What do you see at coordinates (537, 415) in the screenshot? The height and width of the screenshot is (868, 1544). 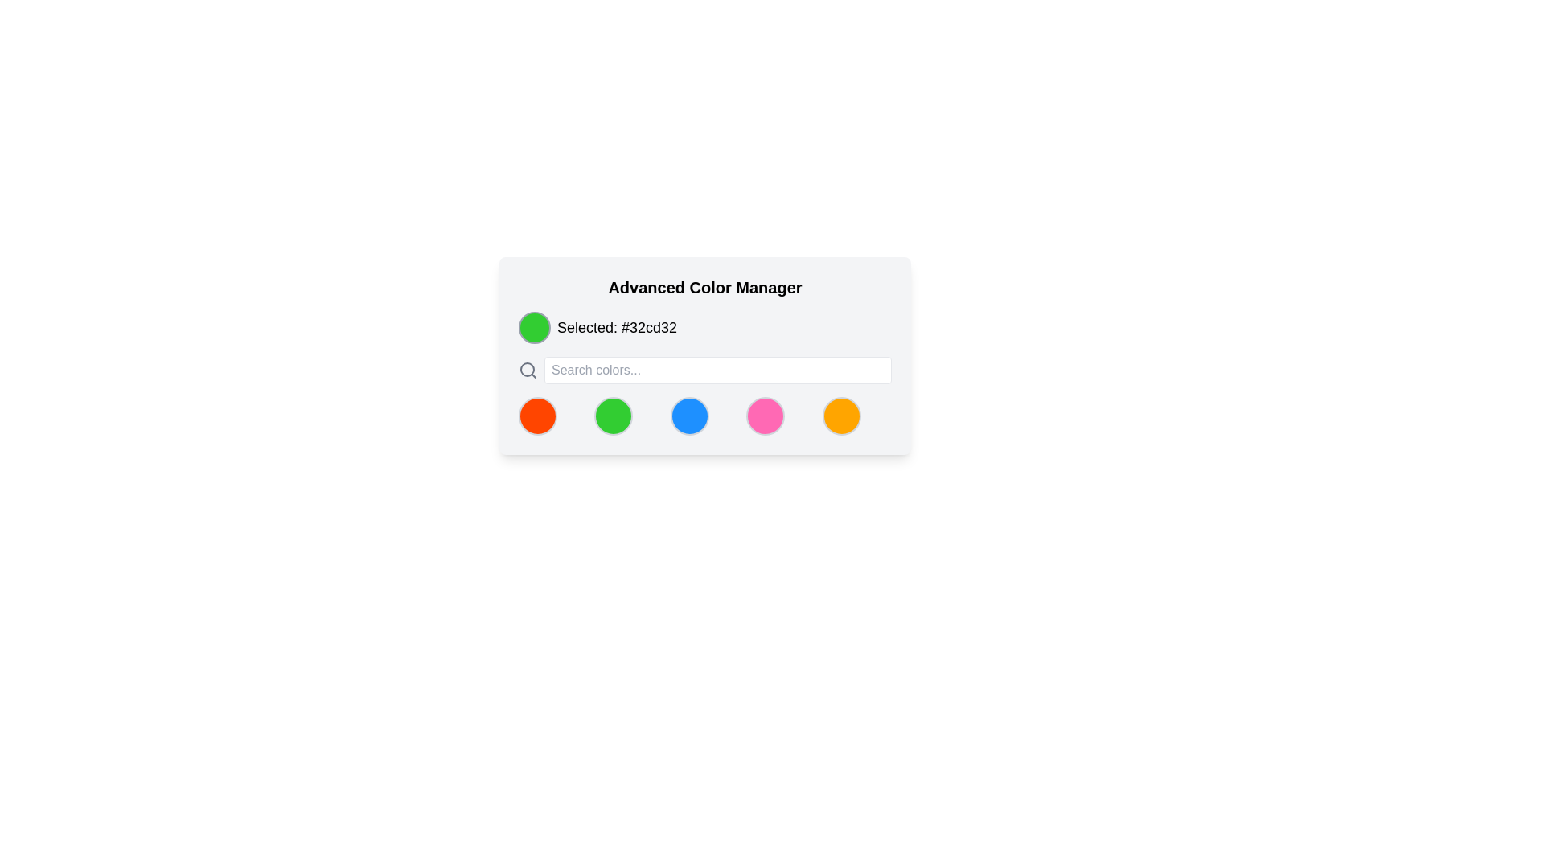 I see `the bright red circular Color selection button located in the bottom section of the 'Advanced Color Manager' panel` at bounding box center [537, 415].